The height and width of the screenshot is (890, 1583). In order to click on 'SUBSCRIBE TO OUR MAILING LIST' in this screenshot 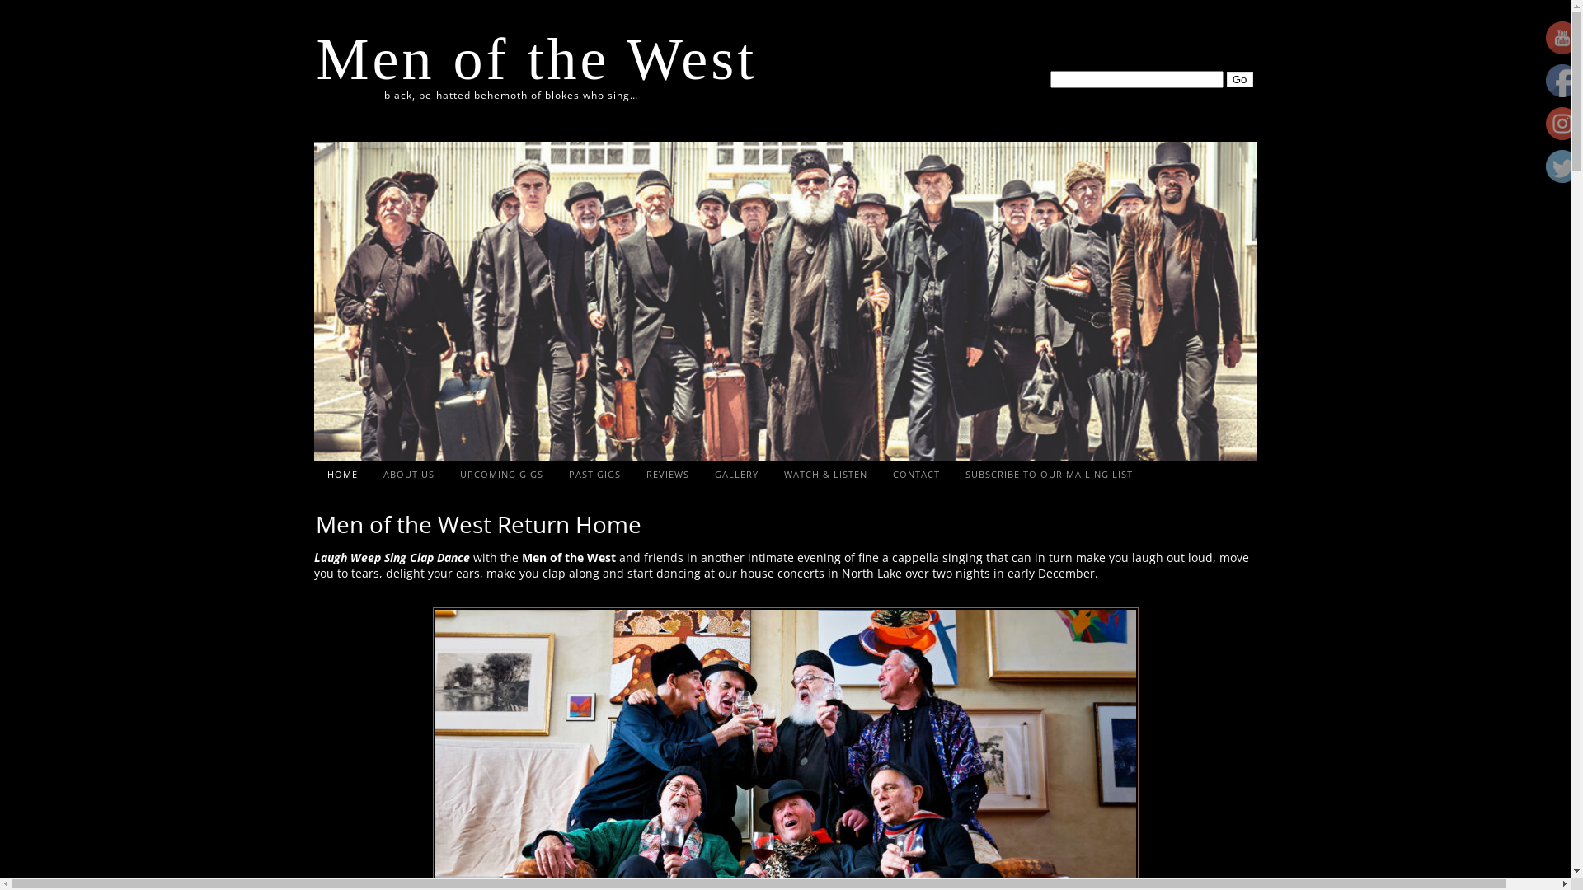, I will do `click(1048, 473)`.